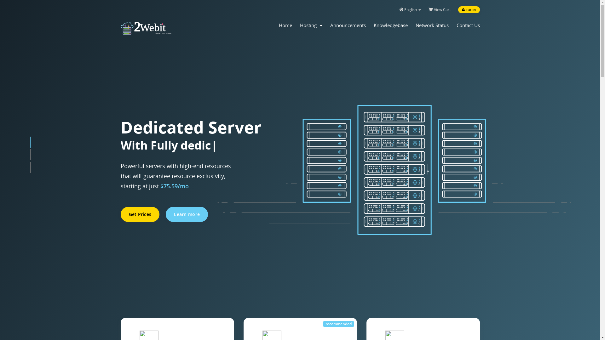 This screenshot has width=605, height=340. What do you see at coordinates (410, 9) in the screenshot?
I see `'English'` at bounding box center [410, 9].